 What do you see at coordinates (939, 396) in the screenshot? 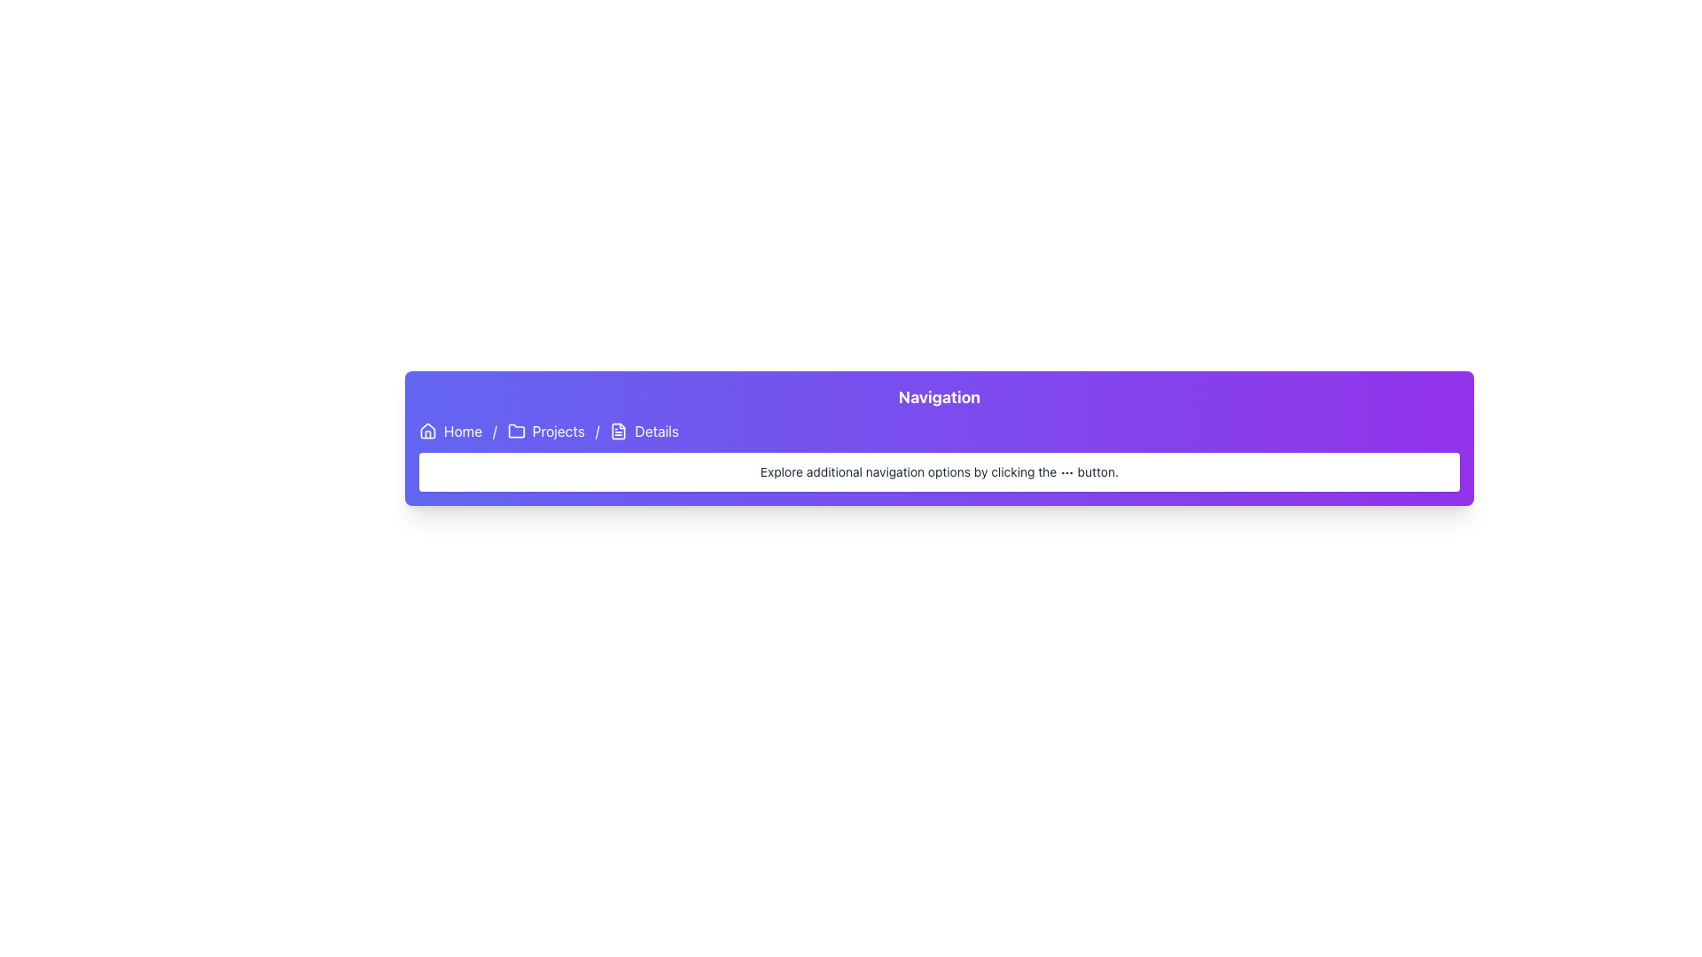
I see `the bolded text label displaying 'Navigation' at the top of the purple gradient header section` at bounding box center [939, 396].